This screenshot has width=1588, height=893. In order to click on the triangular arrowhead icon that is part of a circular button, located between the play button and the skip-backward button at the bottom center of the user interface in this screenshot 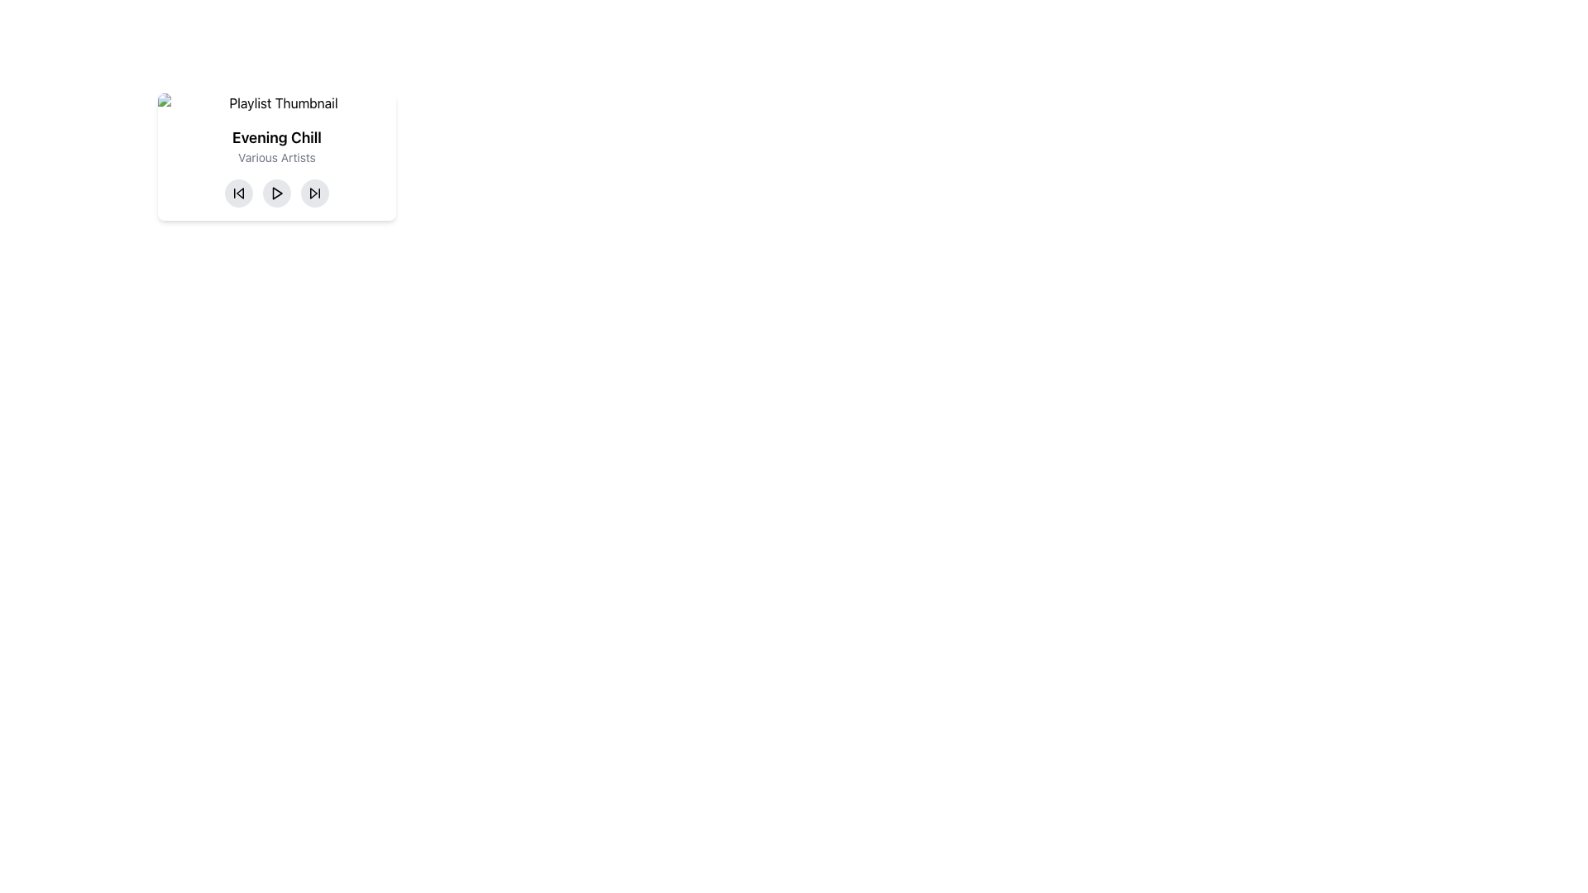, I will do `click(313, 193)`.